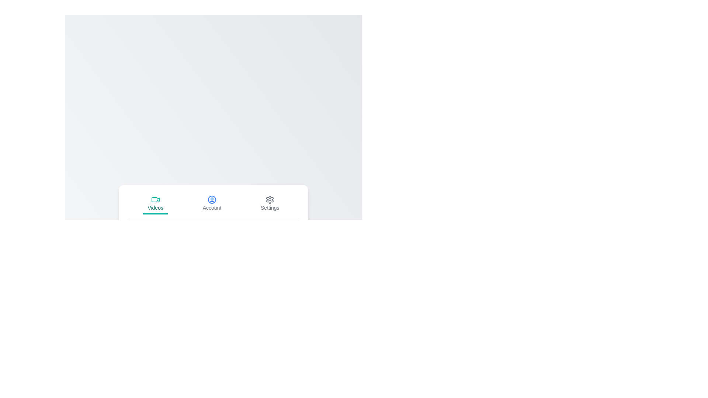  What do you see at coordinates (155, 204) in the screenshot?
I see `the Videos tab by clicking on its button` at bounding box center [155, 204].